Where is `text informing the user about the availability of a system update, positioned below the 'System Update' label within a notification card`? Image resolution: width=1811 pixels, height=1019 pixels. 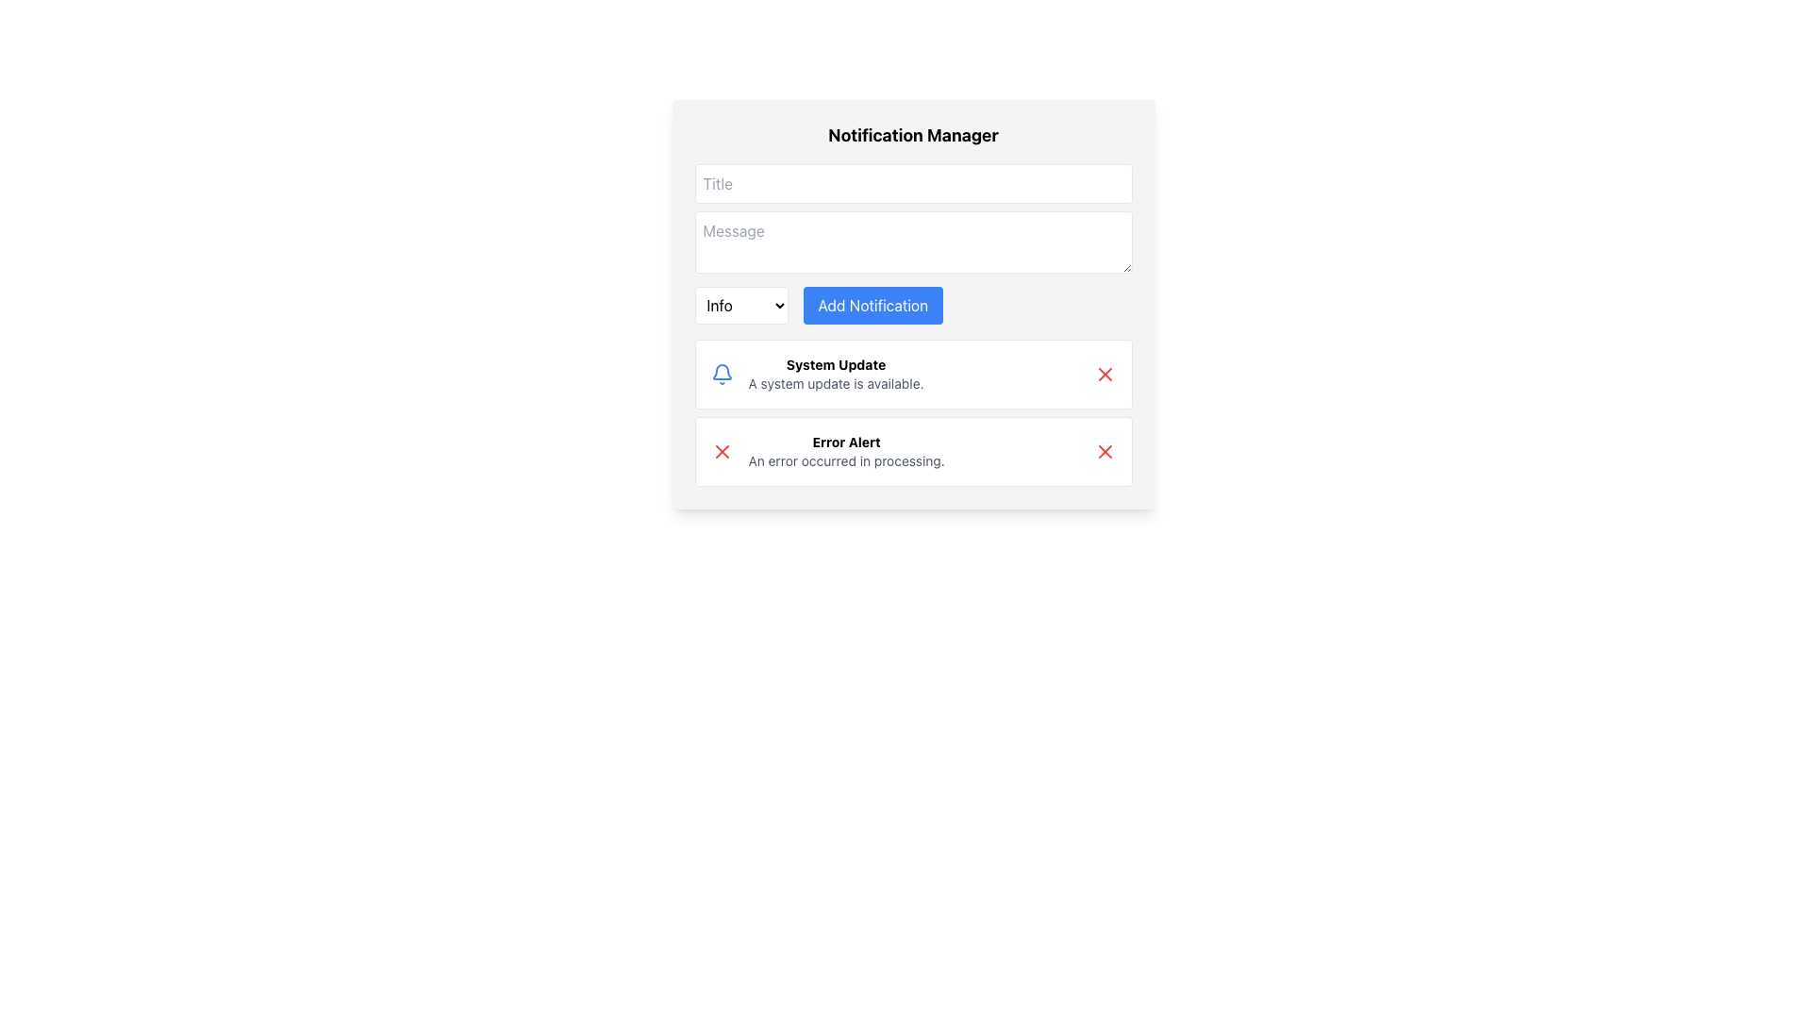 text informing the user about the availability of a system update, positioned below the 'System Update' label within a notification card is located at coordinates (835, 383).